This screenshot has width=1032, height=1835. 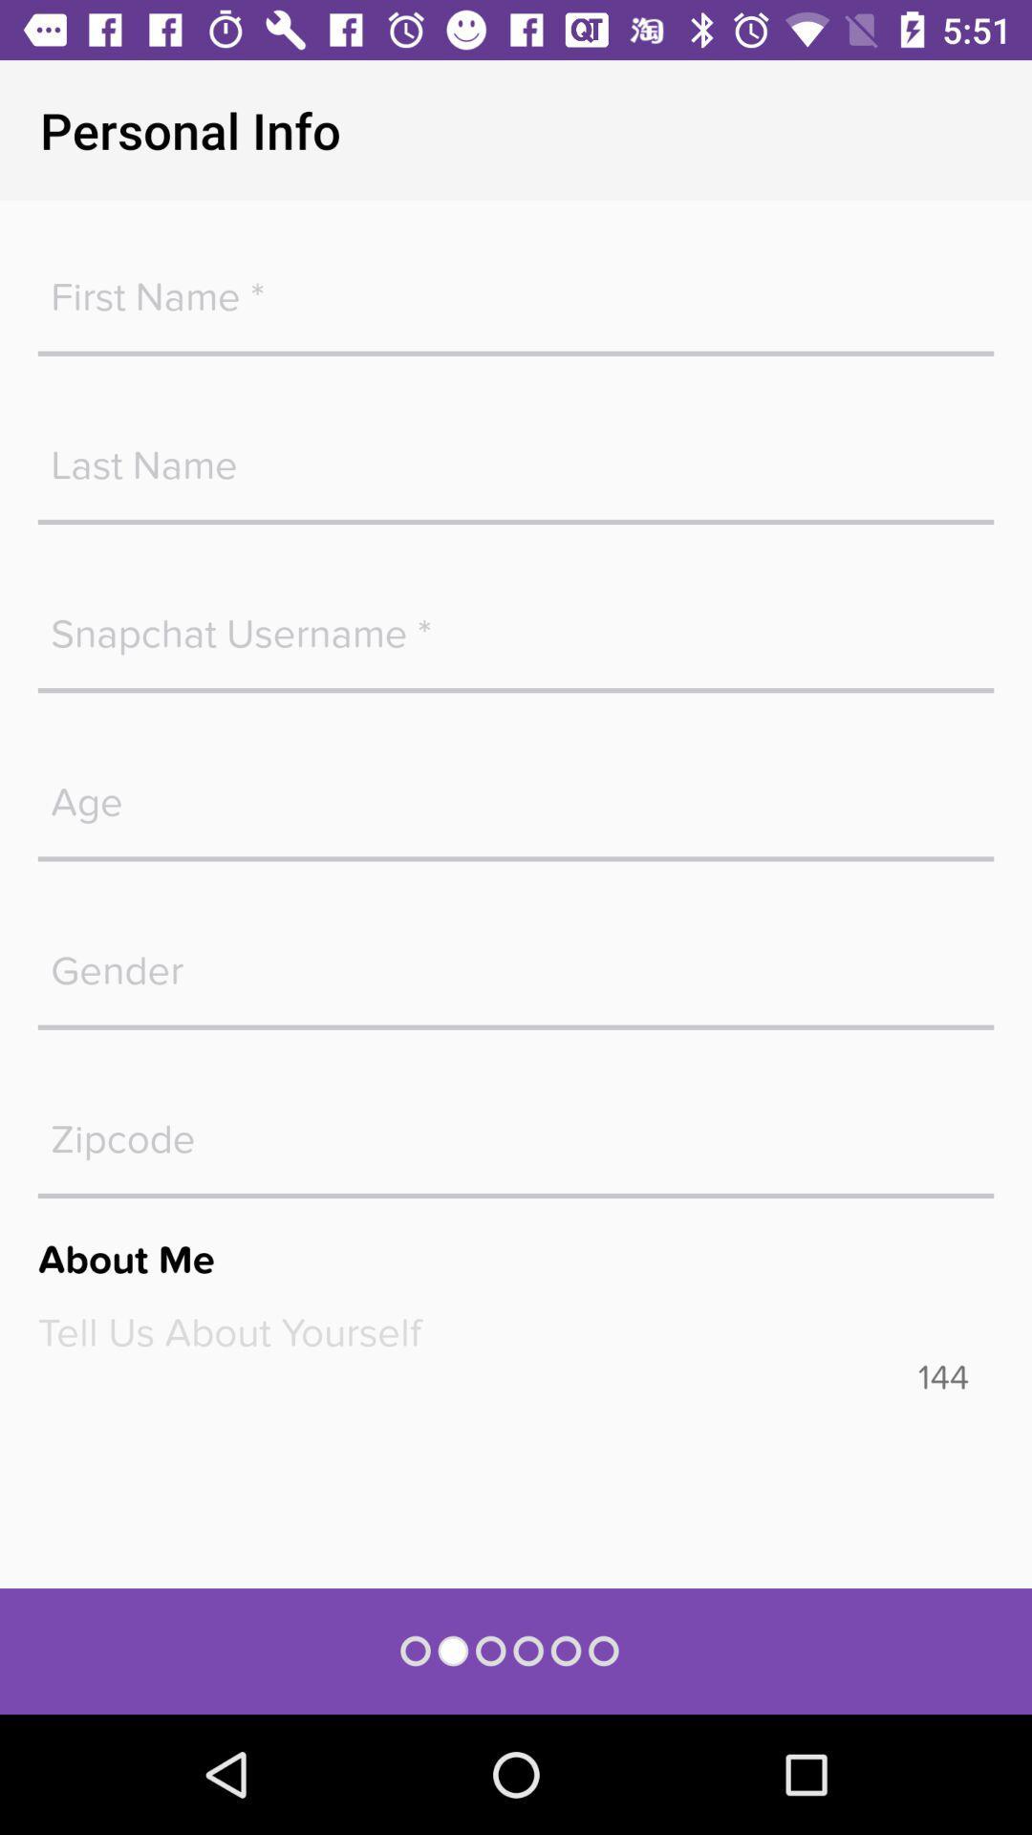 What do you see at coordinates (516, 624) in the screenshot?
I see `snapcha username box` at bounding box center [516, 624].